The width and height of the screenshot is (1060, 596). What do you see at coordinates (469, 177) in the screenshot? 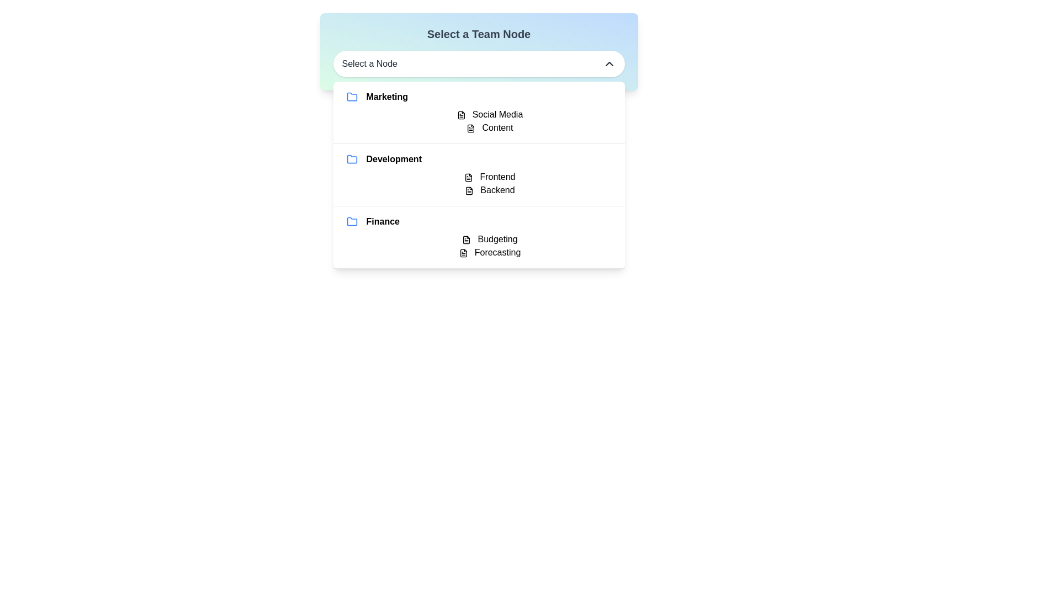
I see `the small file icon with a dark outline located to the left of the text 'Frontend' in the 'Development' dropdown menu` at bounding box center [469, 177].